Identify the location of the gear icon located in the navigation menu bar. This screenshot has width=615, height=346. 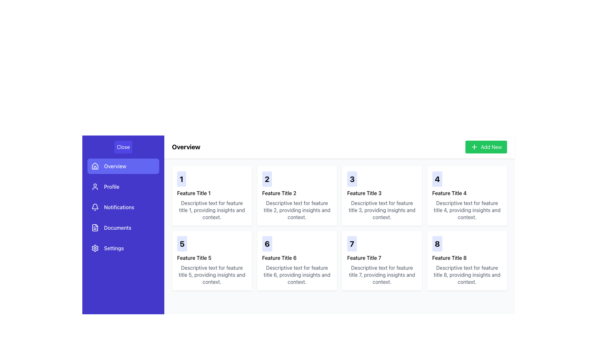
(95, 248).